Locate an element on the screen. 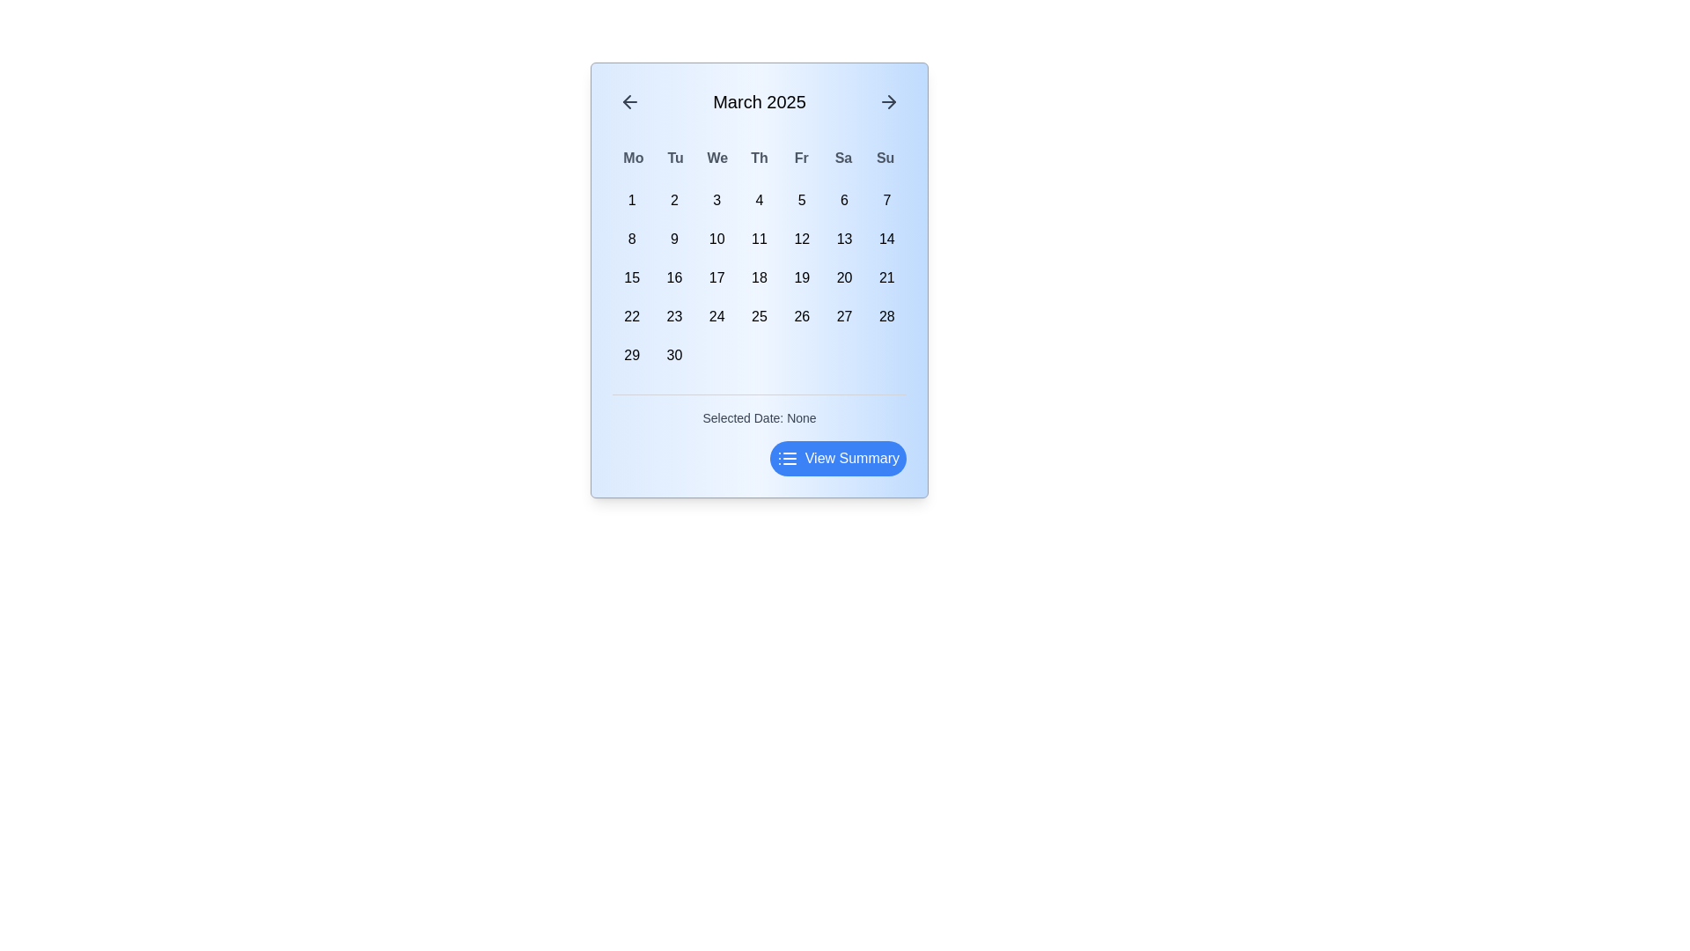 This screenshot has height=951, width=1690. the displayed text in the Text Label that shows the currently selected month and year in the calendar interface is located at coordinates (760, 101).